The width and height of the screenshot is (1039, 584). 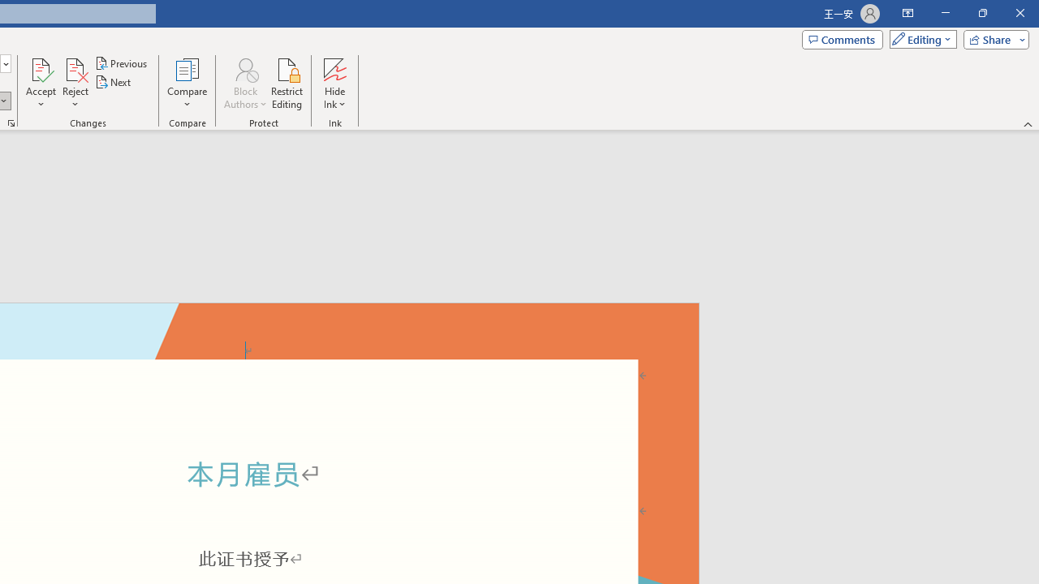 I want to click on 'Previous', so click(x=122, y=62).